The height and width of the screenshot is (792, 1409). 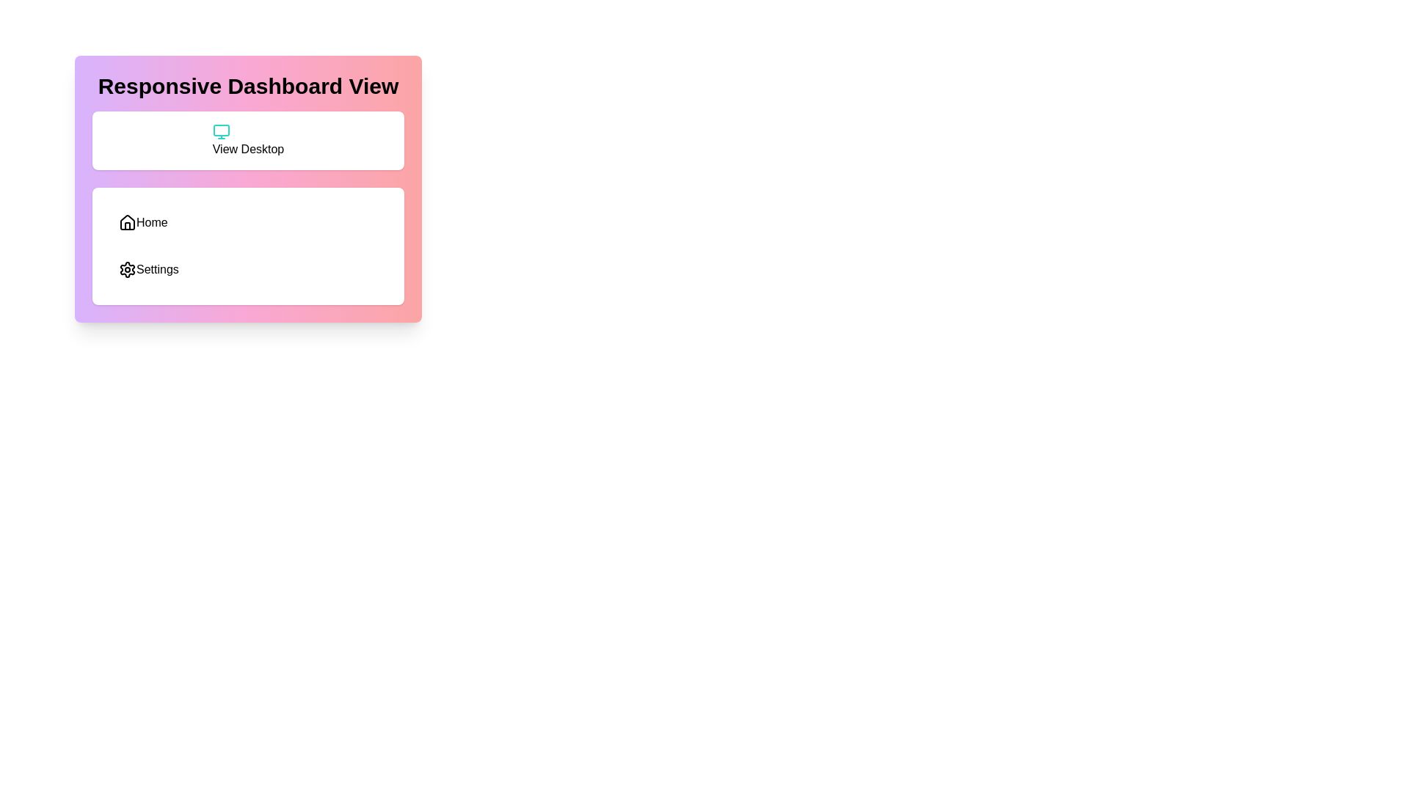 I want to click on the 'View Desktop' text label, which is a bold, center-aligned label, so click(x=248, y=150).